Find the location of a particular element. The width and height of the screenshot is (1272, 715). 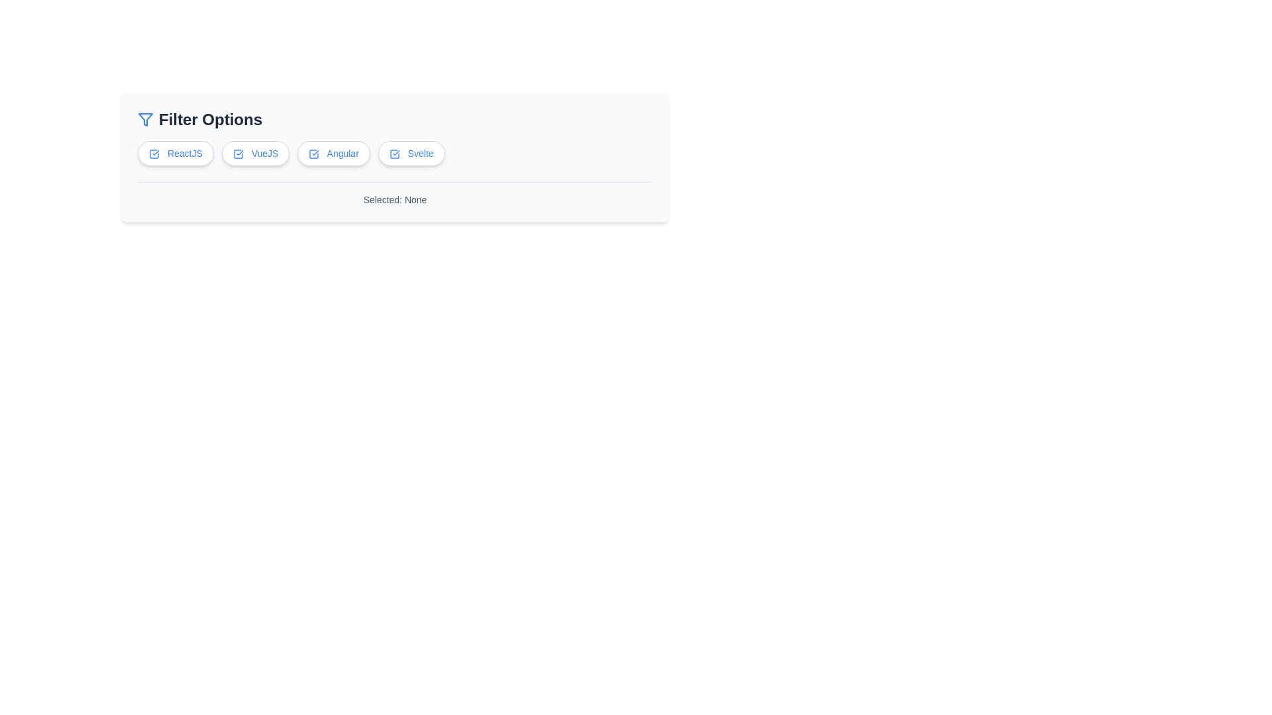

the 'Svelte' button with an embedded checkbox is located at coordinates (411, 152).